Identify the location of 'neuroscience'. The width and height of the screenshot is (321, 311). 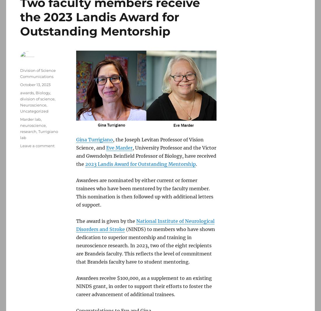
(33, 125).